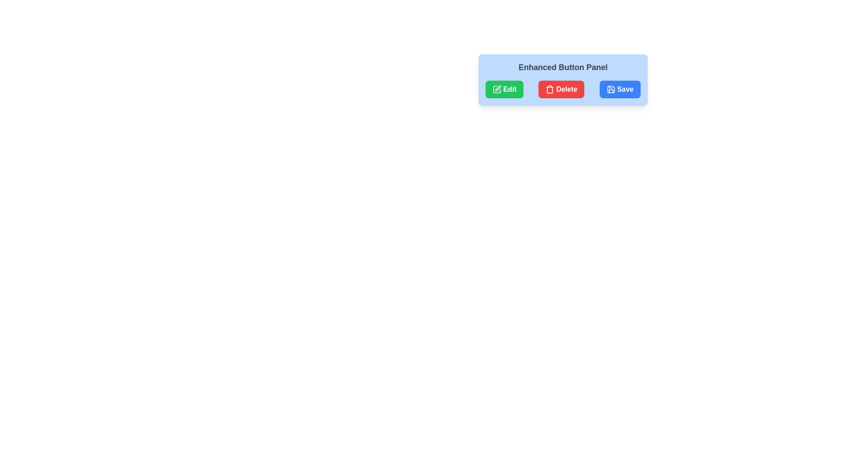 The width and height of the screenshot is (846, 476). What do you see at coordinates (497, 89) in the screenshot?
I see `the pen icon within the green 'Edit' button, which is left-aligned with the text 'Edit'` at bounding box center [497, 89].